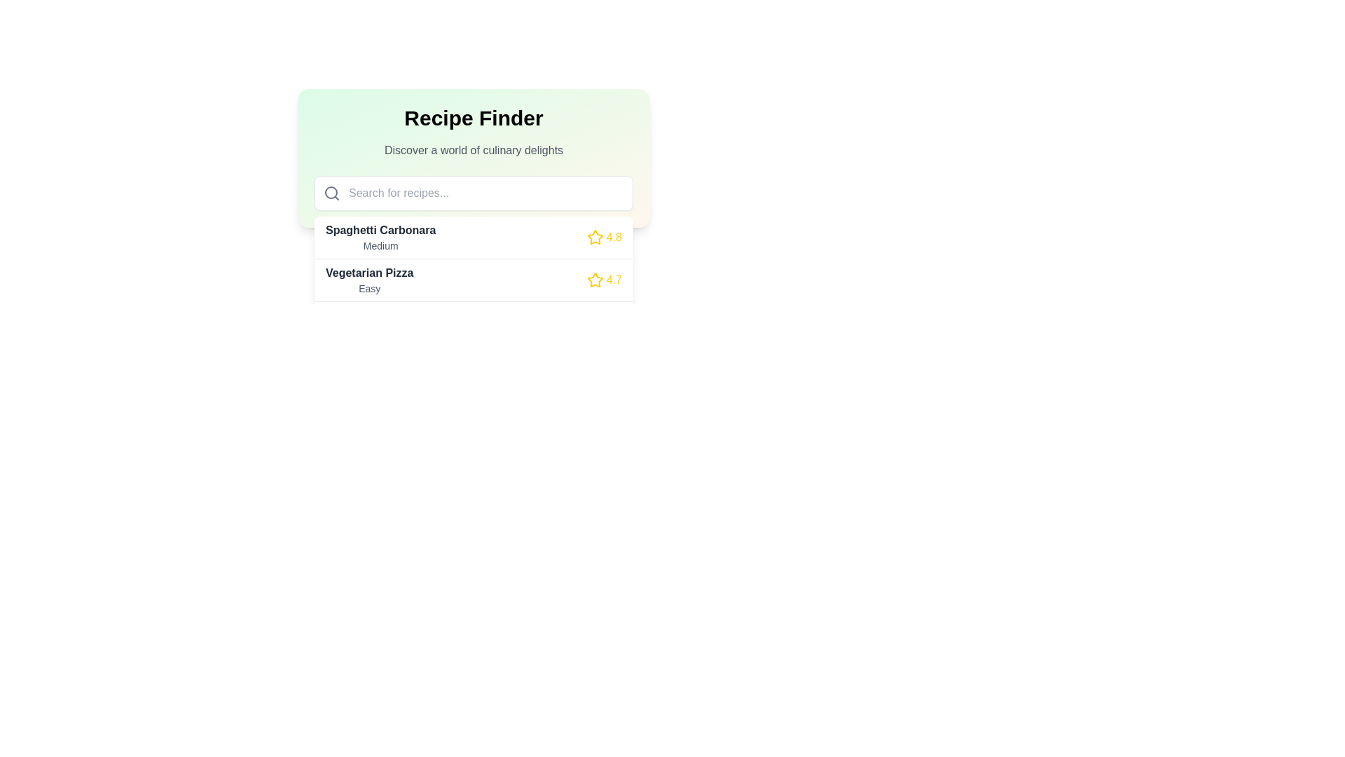 The image size is (1345, 757). I want to click on the text label that describes the difficulty of the recipe 'Spaghetti Carbonara', which is positioned directly below its title in the first recipe entry, so click(380, 245).